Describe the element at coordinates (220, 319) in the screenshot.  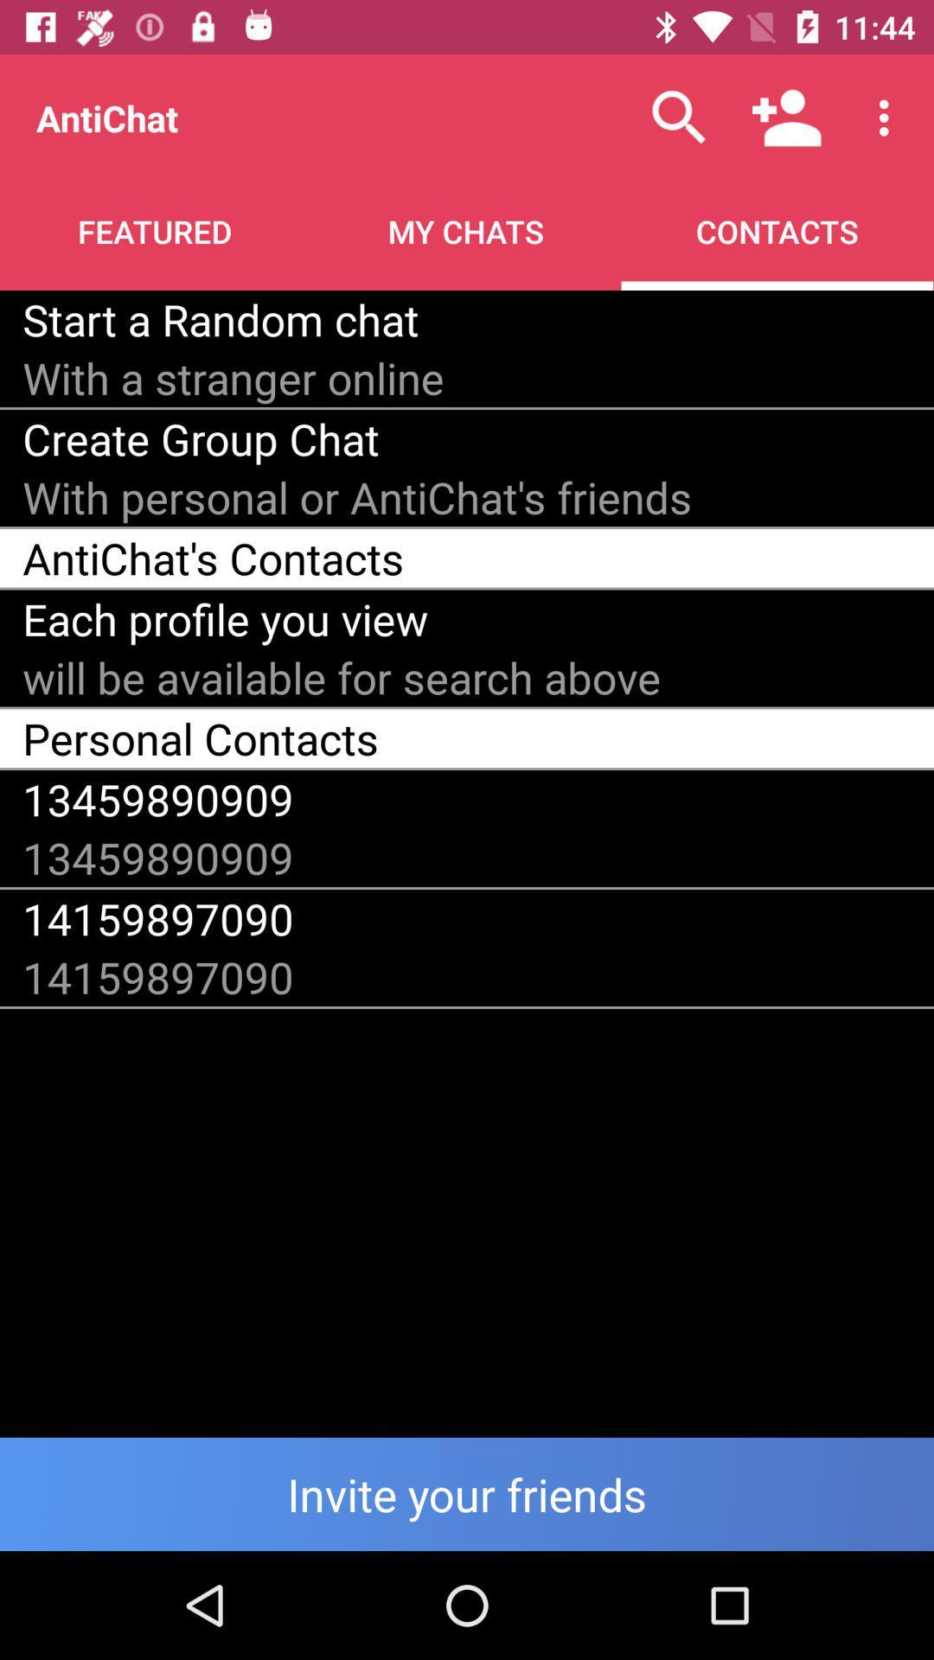
I see `the icon to the left of the contacts icon` at that location.